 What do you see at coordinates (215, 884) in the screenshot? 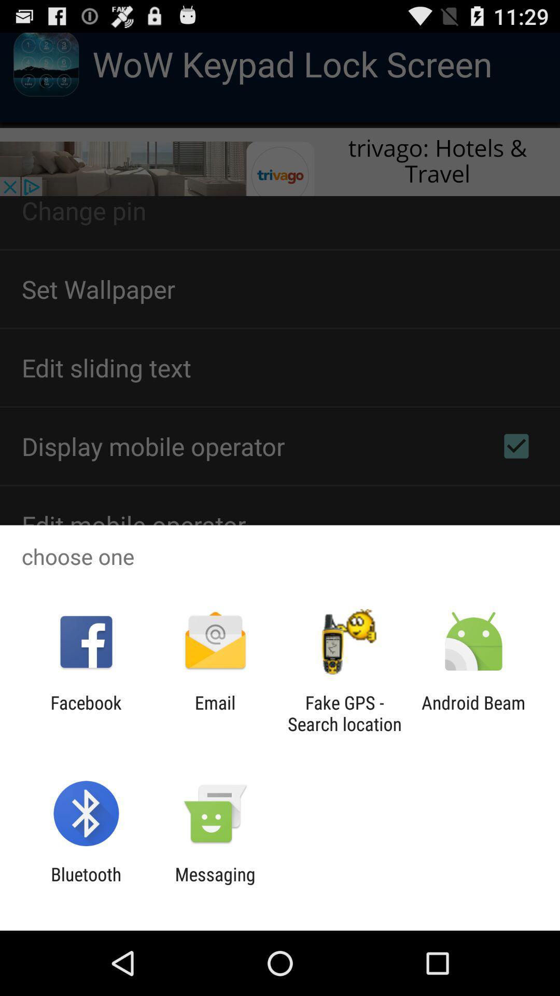
I see `messaging app` at bounding box center [215, 884].